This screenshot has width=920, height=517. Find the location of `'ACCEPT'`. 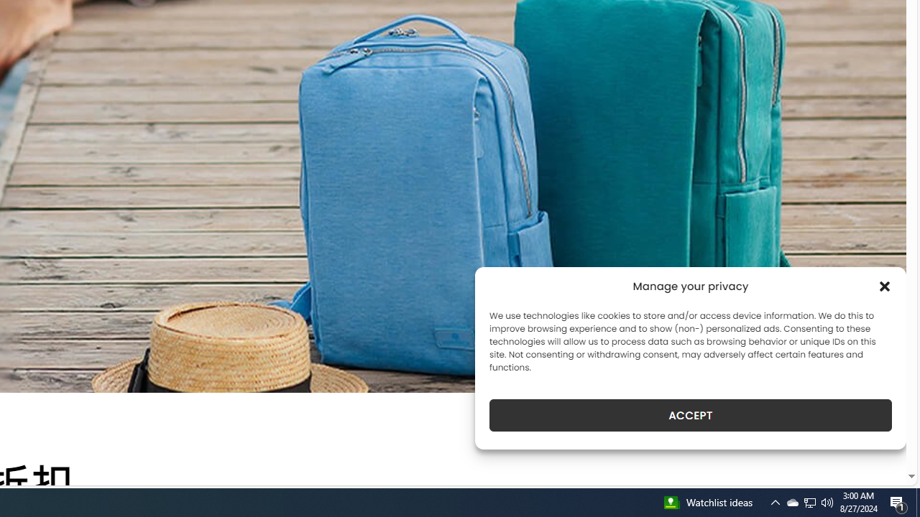

'ACCEPT' is located at coordinates (691, 415).